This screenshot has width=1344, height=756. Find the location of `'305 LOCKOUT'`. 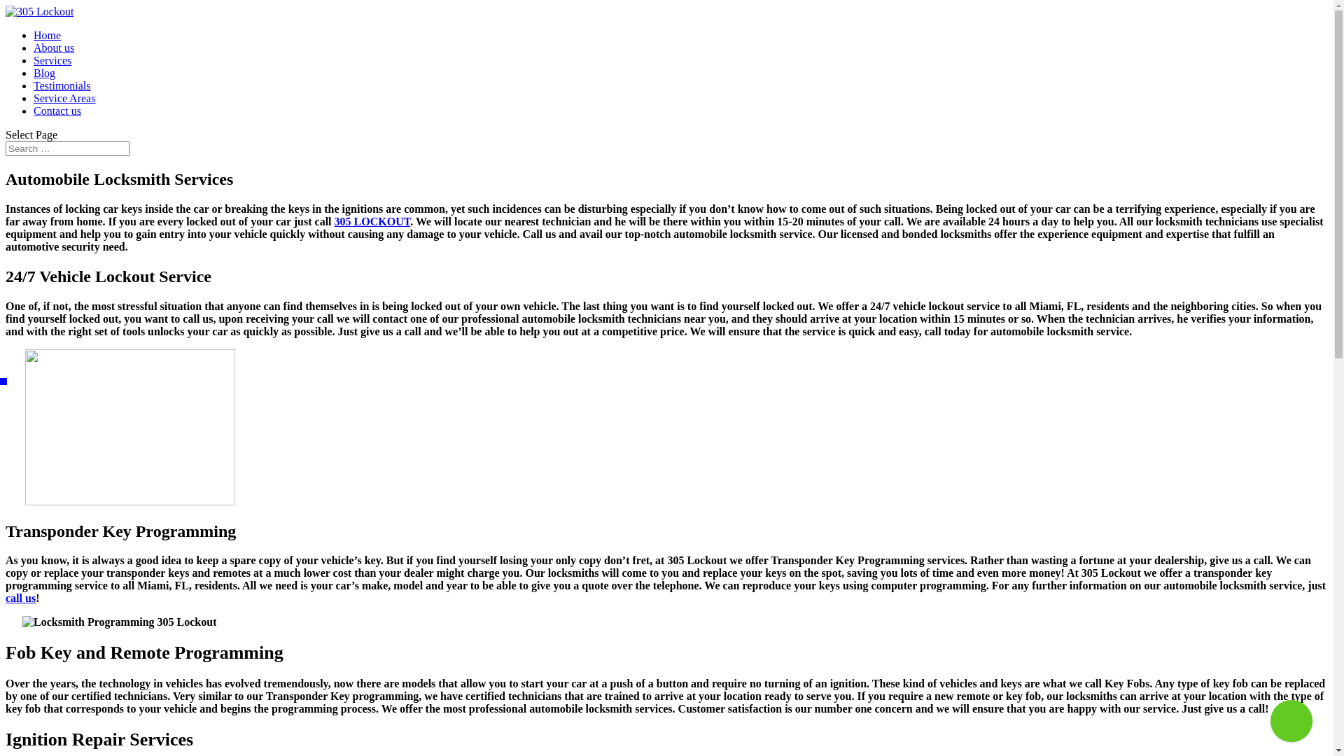

'305 LOCKOUT' is located at coordinates (372, 220).